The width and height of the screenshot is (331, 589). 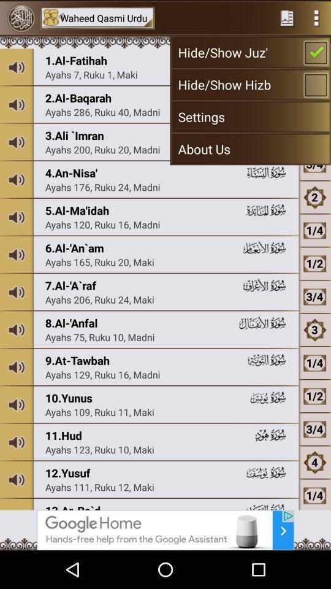 What do you see at coordinates (165, 529) in the screenshot?
I see `find out more` at bounding box center [165, 529].